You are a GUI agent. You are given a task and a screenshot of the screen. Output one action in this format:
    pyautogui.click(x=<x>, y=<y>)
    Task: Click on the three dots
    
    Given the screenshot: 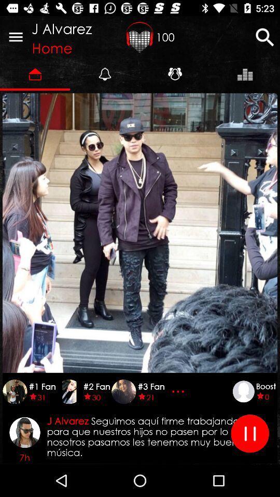 What is the action you would take?
    pyautogui.click(x=179, y=391)
    